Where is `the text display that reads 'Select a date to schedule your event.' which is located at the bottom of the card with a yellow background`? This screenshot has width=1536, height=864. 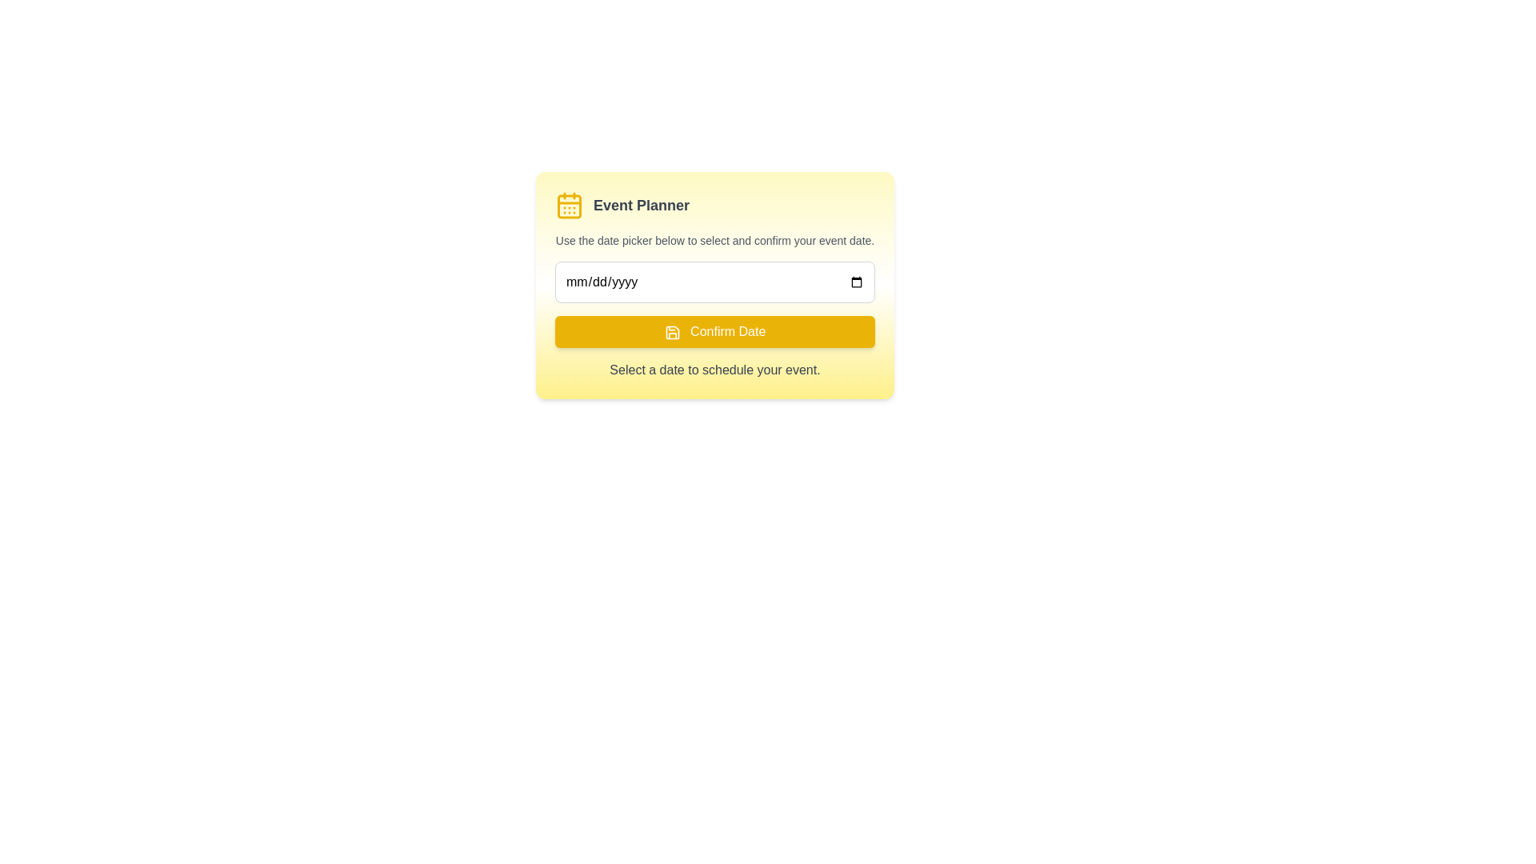 the text display that reads 'Select a date to schedule your event.' which is located at the bottom of the card with a yellow background is located at coordinates (714, 370).